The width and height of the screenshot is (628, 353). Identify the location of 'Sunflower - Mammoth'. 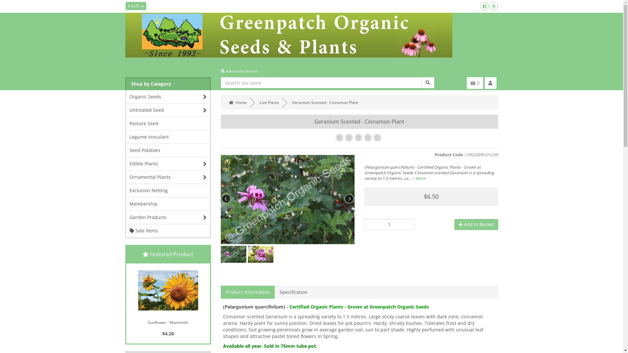
(168, 290).